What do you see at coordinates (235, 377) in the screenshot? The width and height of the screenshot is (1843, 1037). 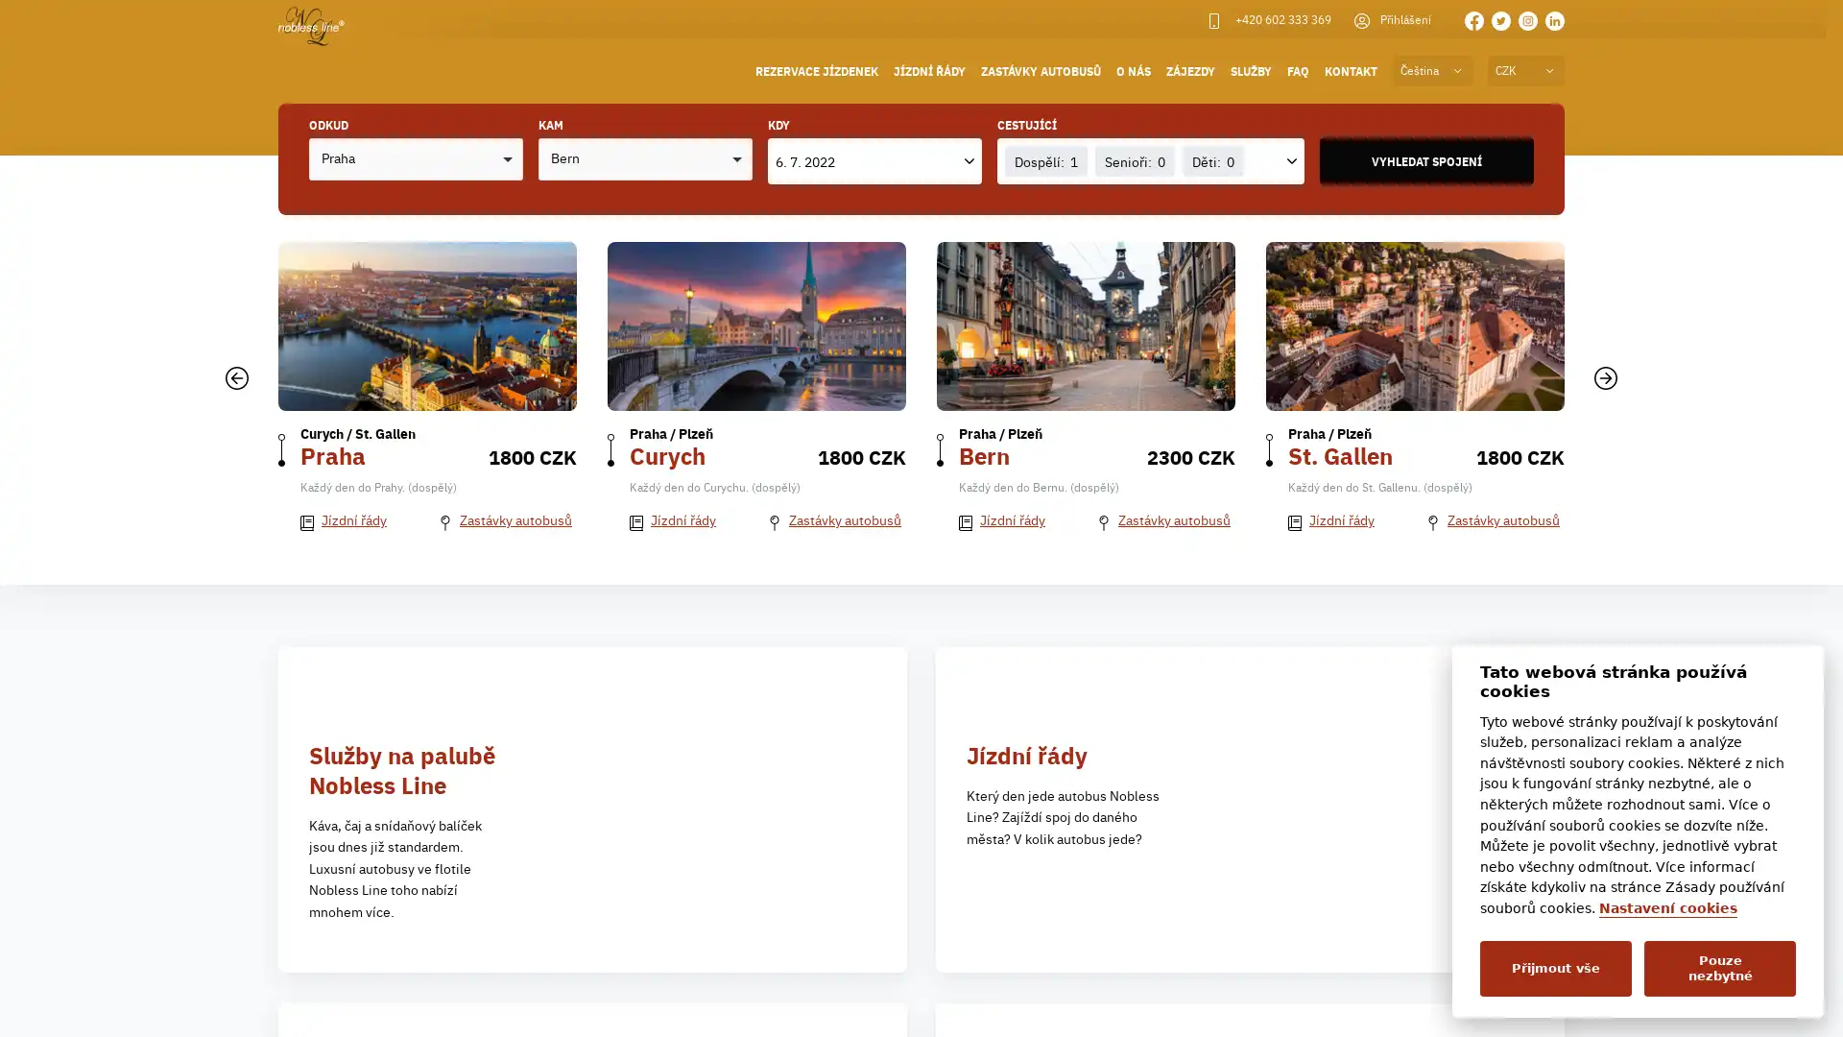 I see `Predchozi` at bounding box center [235, 377].